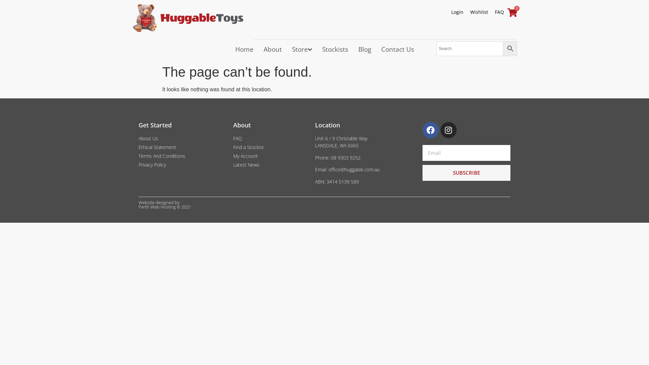 The image size is (649, 365). Describe the element at coordinates (364, 49) in the screenshot. I see `'Blog'` at that location.